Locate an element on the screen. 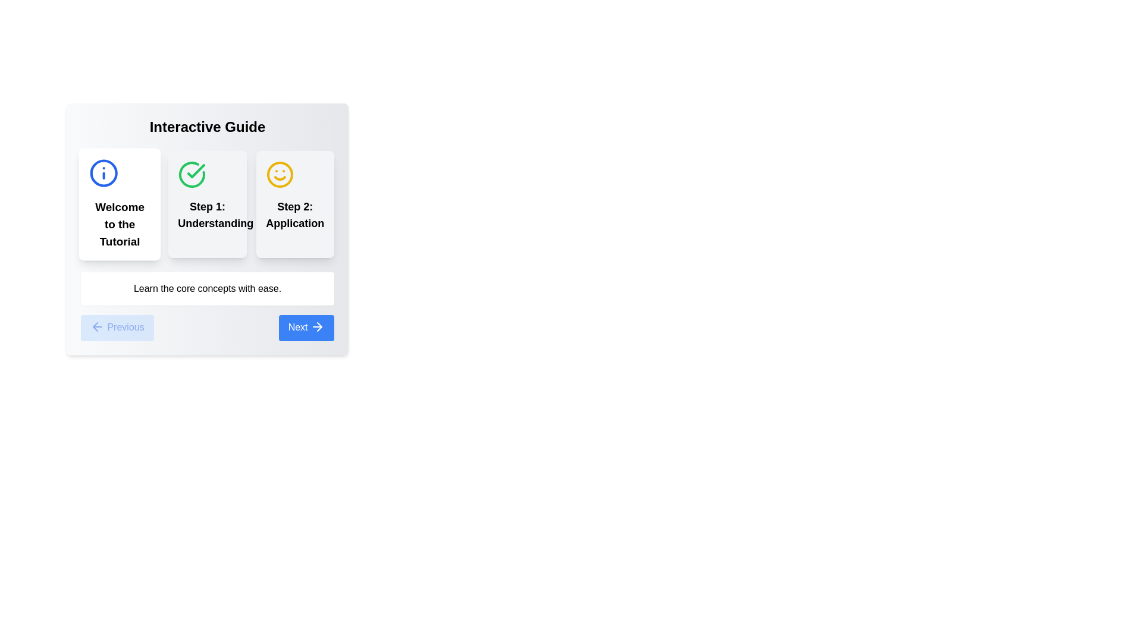 This screenshot has height=642, width=1142. the step card labeled 'Step 1: Understanding' is located at coordinates (208, 203).